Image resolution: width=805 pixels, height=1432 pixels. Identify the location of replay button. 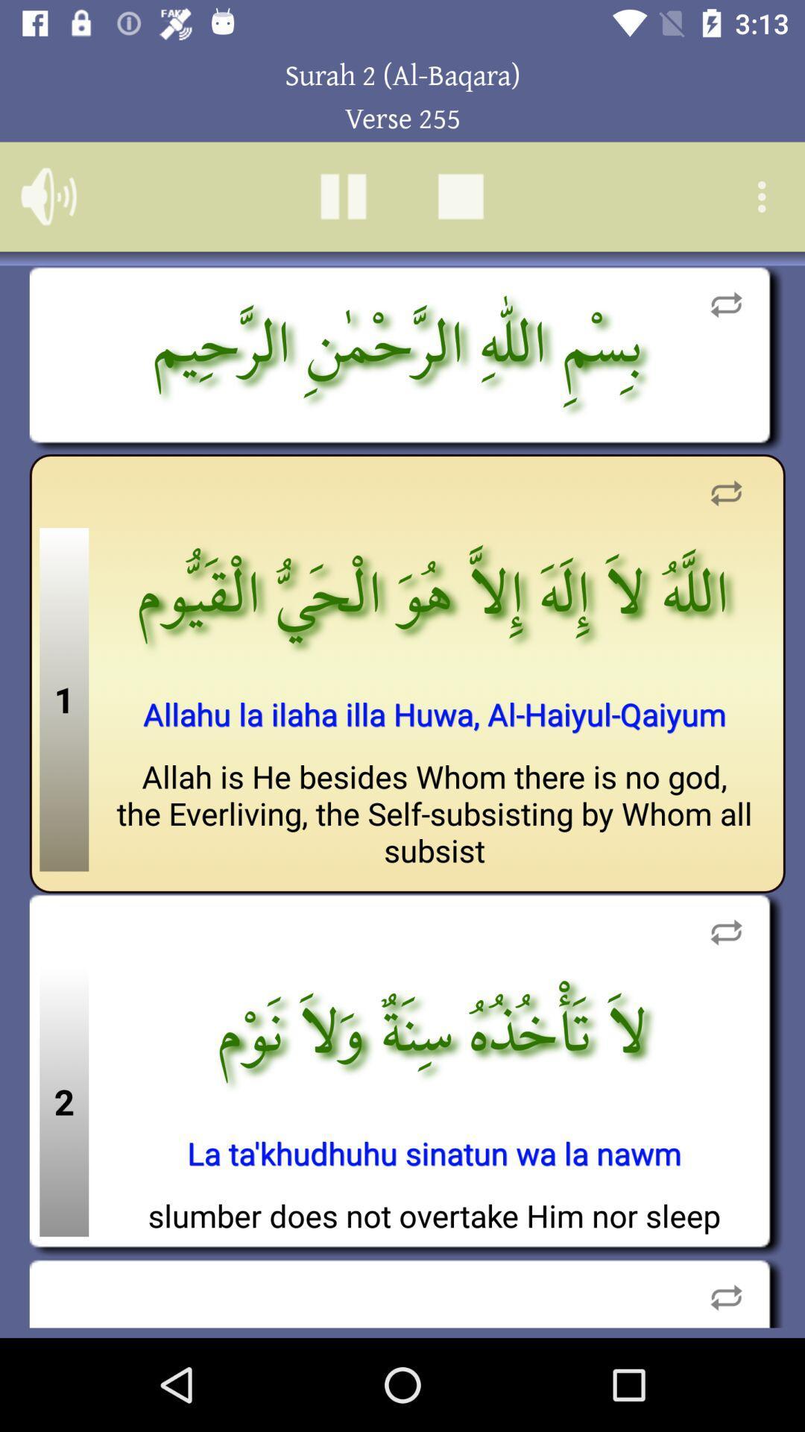
(725, 1292).